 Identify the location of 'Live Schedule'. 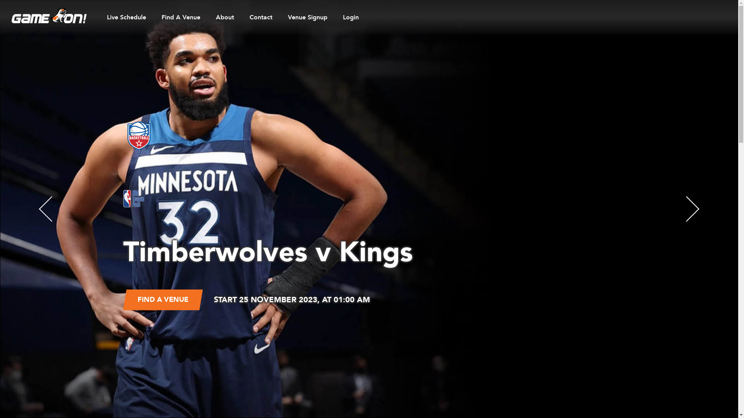
(126, 17).